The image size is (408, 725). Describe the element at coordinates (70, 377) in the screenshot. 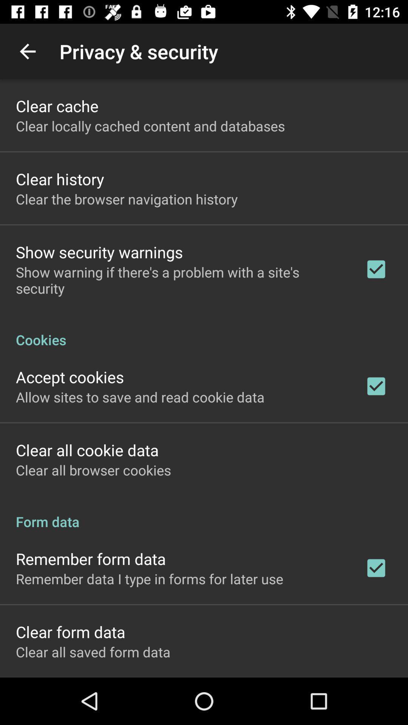

I see `the accept cookies item` at that location.